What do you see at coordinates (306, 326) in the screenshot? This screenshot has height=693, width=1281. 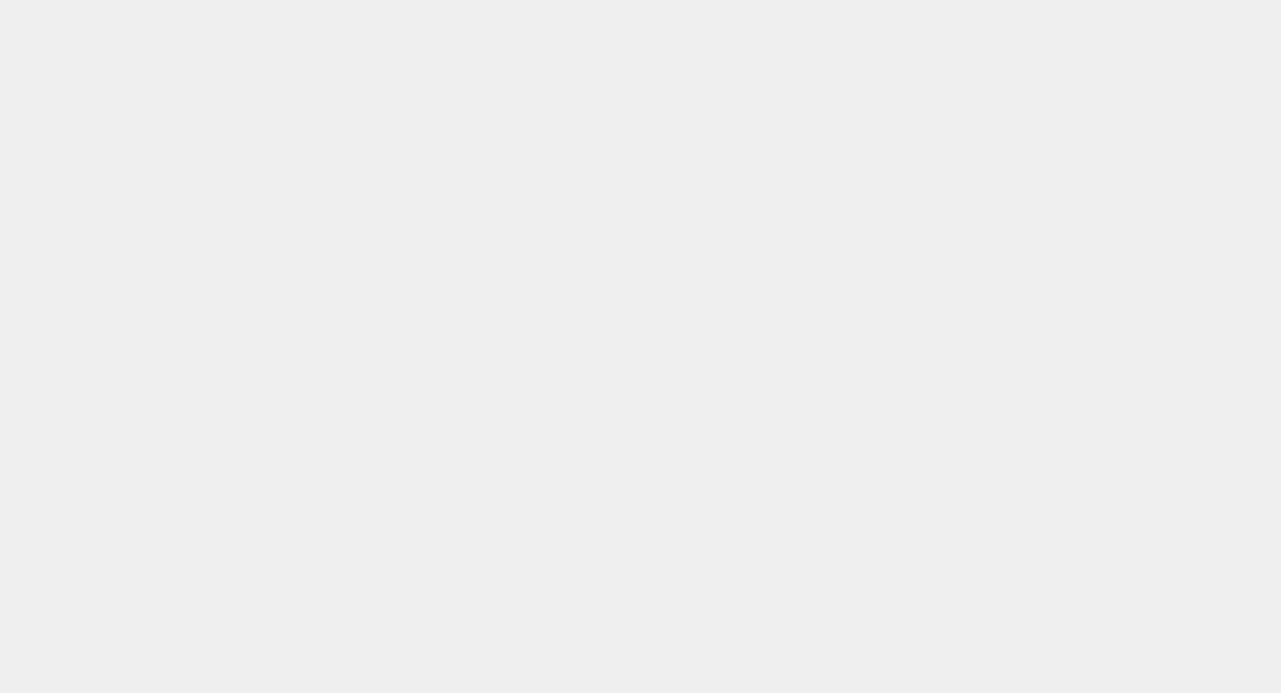 I see `'STEPHEN'` at bounding box center [306, 326].